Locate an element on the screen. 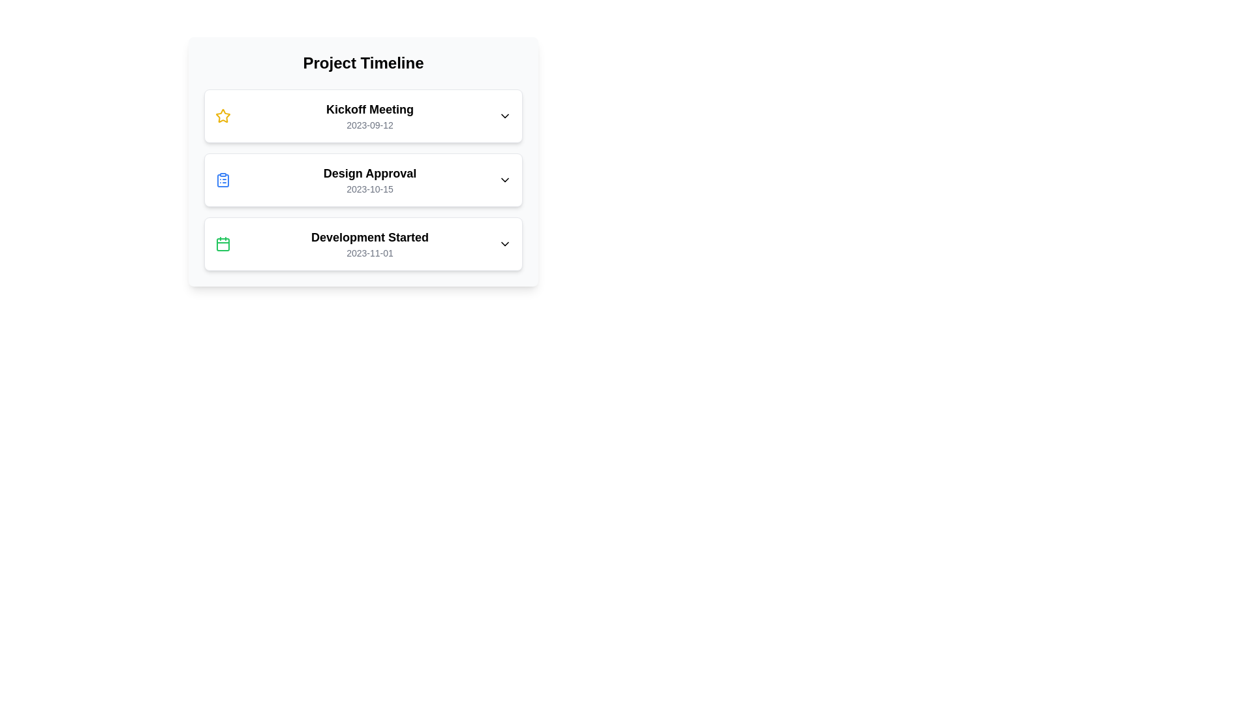 The image size is (1253, 705). the green calendar icon located to the left of the 'Development Started' title in the 'Project Timeline' section is located at coordinates (223, 244).